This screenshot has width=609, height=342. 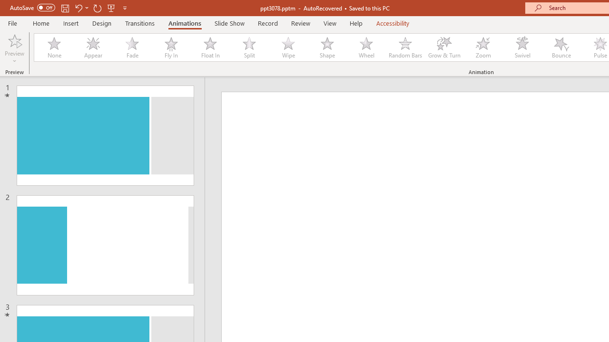 I want to click on 'Grow & Turn', so click(x=444, y=47).